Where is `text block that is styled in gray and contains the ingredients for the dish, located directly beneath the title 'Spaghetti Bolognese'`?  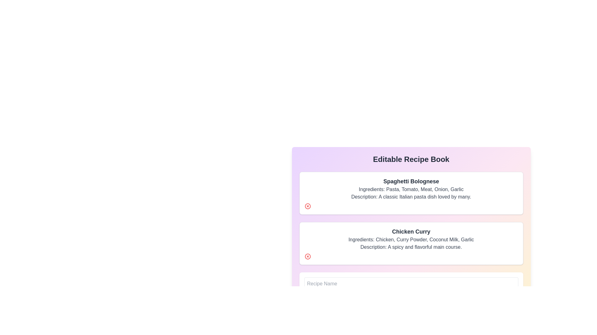 text block that is styled in gray and contains the ingredients for the dish, located directly beneath the title 'Spaghetti Bolognese' is located at coordinates (411, 189).